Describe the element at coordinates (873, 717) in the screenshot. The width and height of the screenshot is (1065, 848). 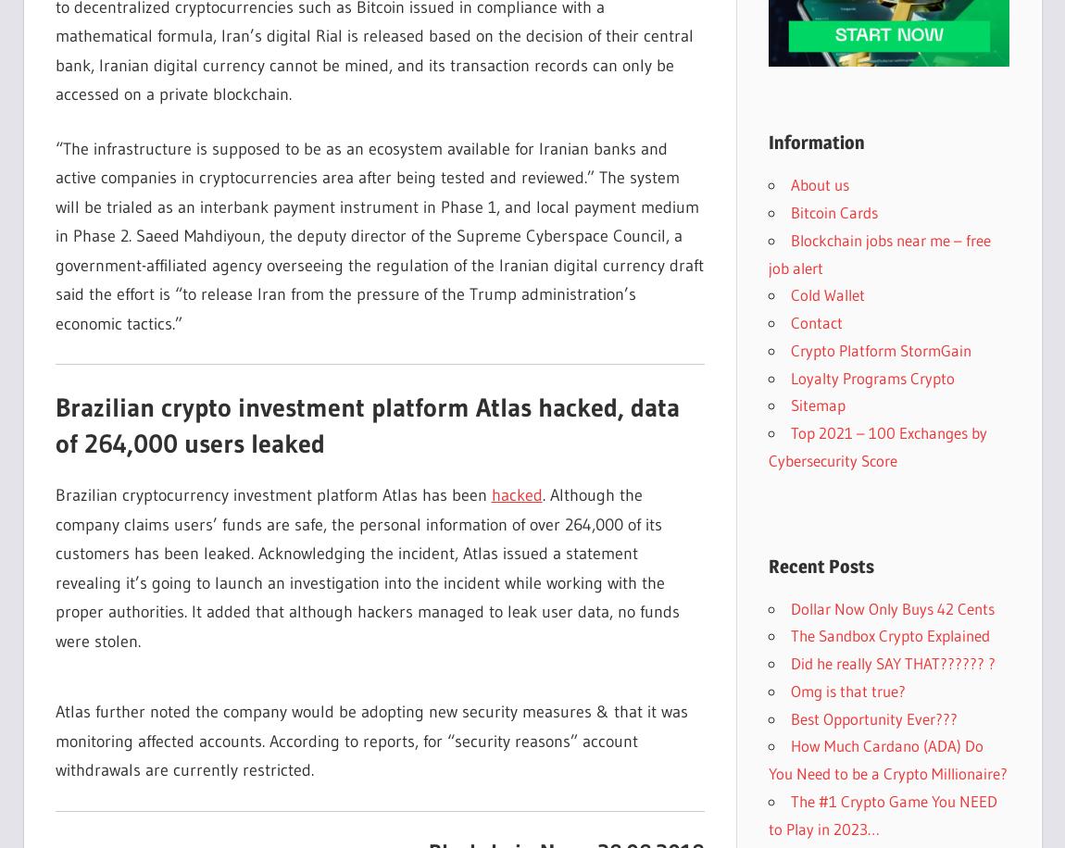
I see `'Best Opportunity Ever???'` at that location.